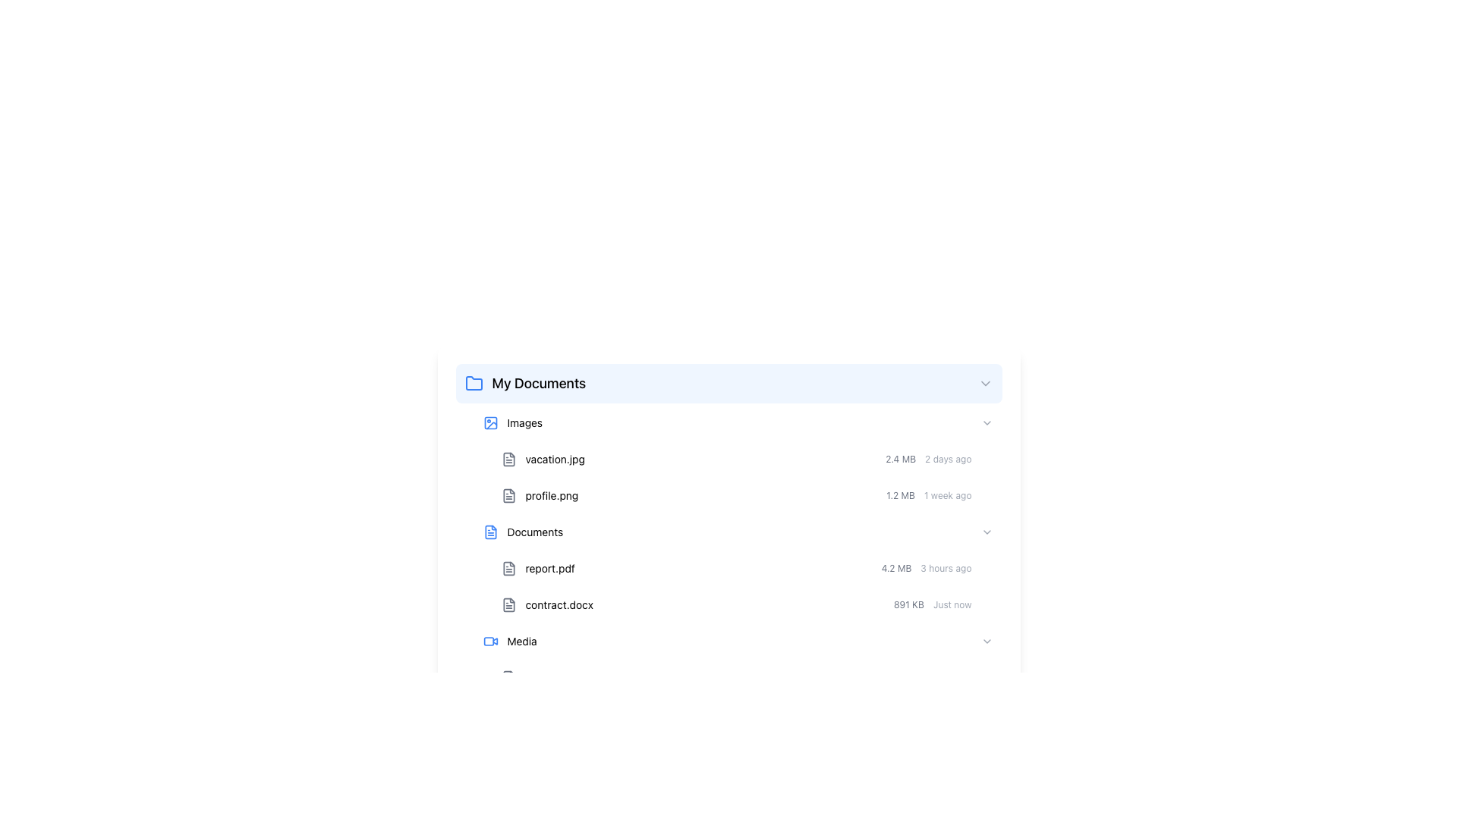 The height and width of the screenshot is (819, 1457). I want to click on the rightwards-pointing chevron icon located next to the word 'Images' in the entry row, so click(987, 423).